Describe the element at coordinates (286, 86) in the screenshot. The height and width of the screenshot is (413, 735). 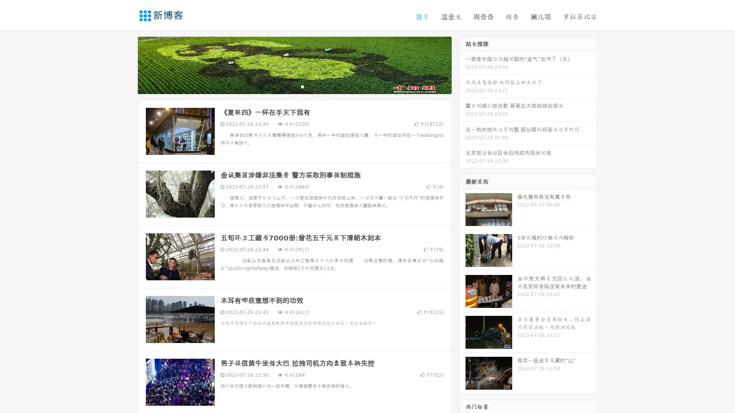
I see `Go to slide 1` at that location.